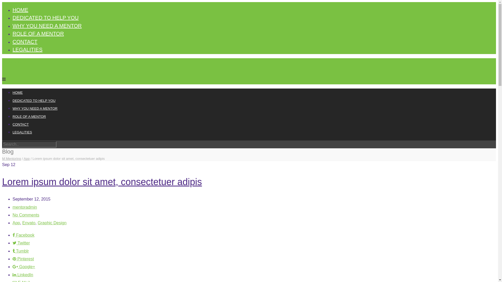 The image size is (502, 282). What do you see at coordinates (20, 251) in the screenshot?
I see `'Tumblr'` at bounding box center [20, 251].